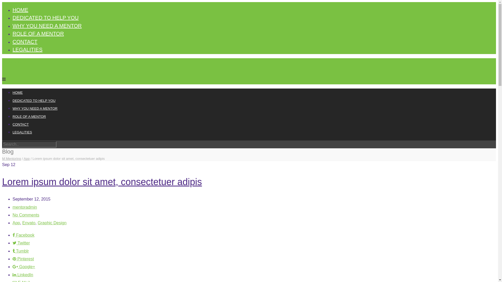 The image size is (502, 282). What do you see at coordinates (20, 251) in the screenshot?
I see `'Tumblr'` at bounding box center [20, 251].